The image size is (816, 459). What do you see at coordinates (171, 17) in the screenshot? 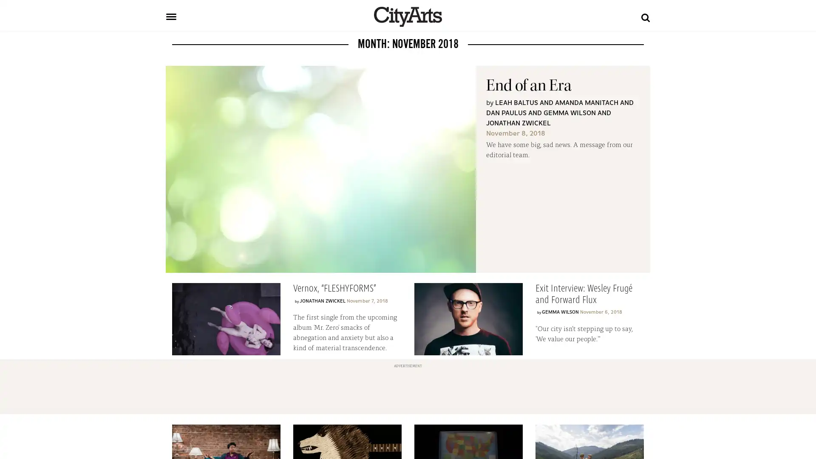
I see `Toggle navigation` at bounding box center [171, 17].